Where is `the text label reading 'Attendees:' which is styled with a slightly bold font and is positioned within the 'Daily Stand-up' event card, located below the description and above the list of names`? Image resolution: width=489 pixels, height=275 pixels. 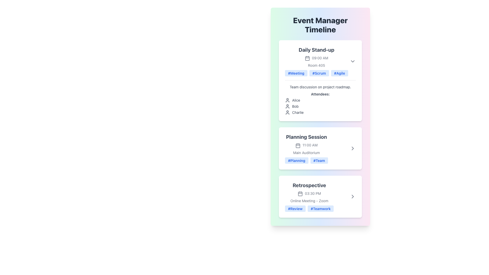
the text label reading 'Attendees:' which is styled with a slightly bold font and is positioned within the 'Daily Stand-up' event card, located below the description and above the list of names is located at coordinates (320, 94).